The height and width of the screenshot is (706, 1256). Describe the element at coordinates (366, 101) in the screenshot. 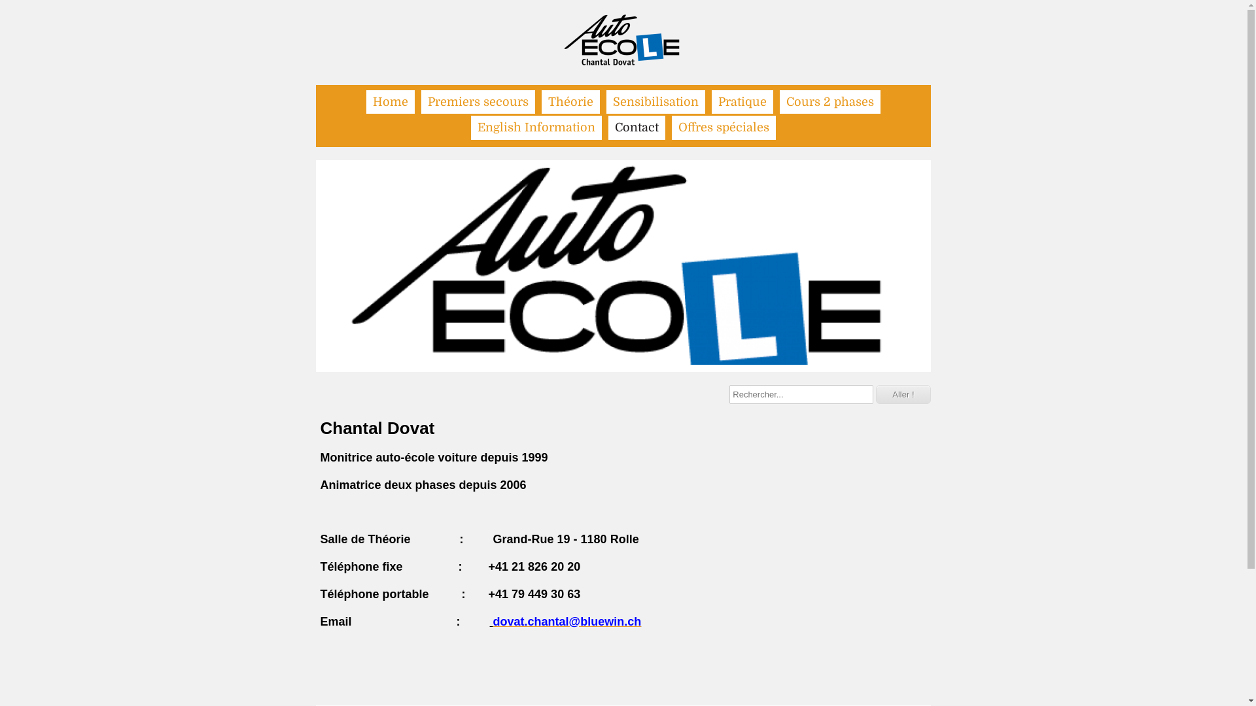

I see `'Home'` at that location.